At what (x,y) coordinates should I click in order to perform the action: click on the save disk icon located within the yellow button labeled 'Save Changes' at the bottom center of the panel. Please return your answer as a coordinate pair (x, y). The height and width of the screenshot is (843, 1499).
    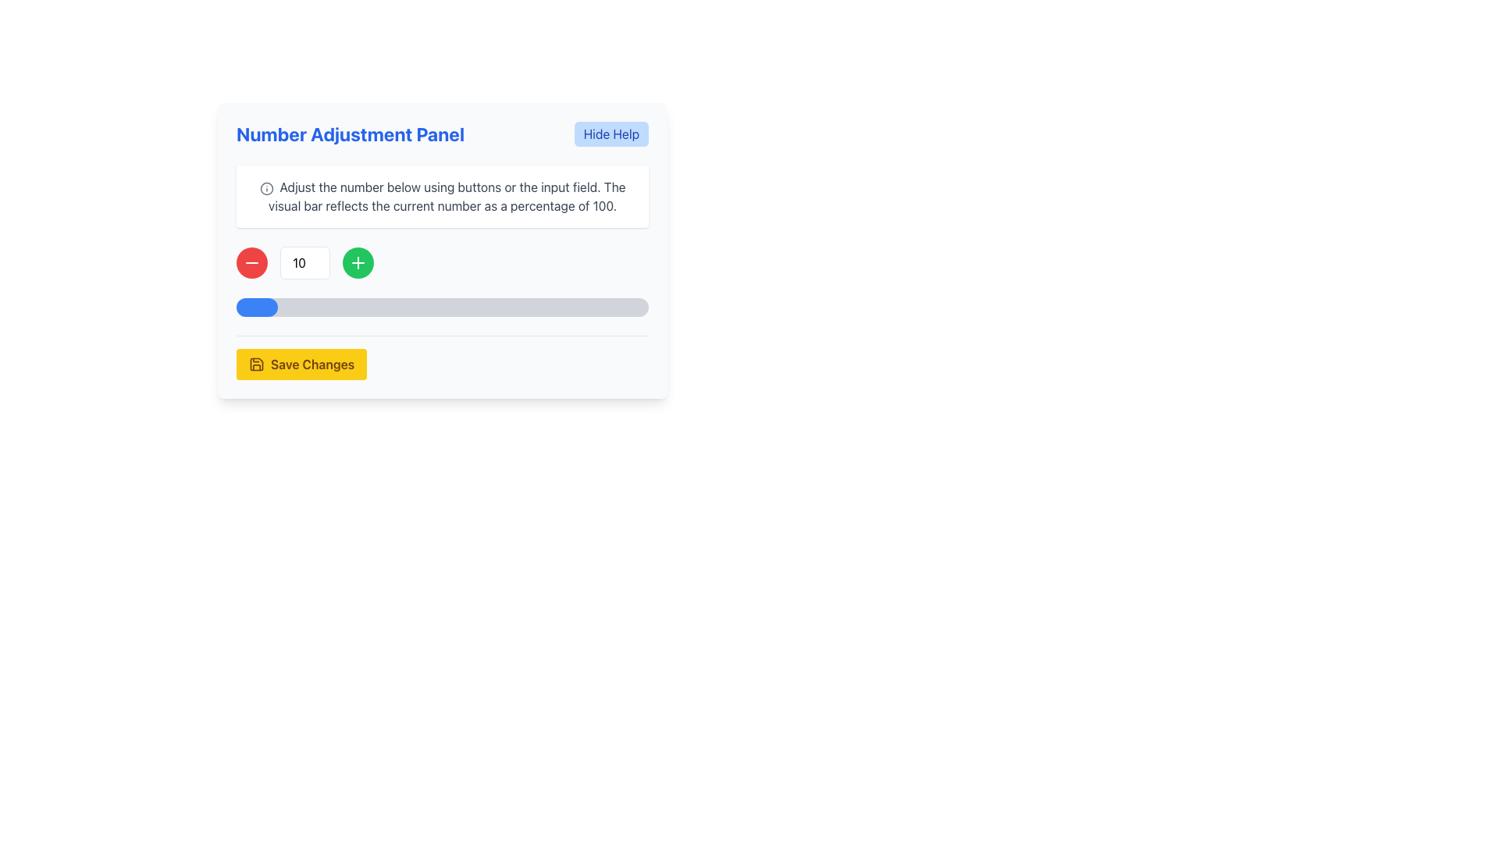
    Looking at the image, I should click on (257, 364).